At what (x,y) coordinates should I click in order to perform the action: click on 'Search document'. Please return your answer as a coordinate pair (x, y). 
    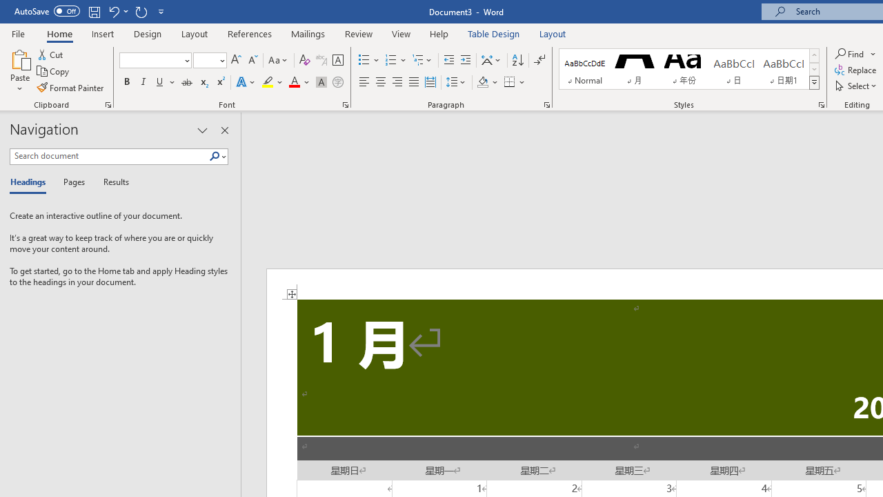
    Looking at the image, I should click on (108, 155).